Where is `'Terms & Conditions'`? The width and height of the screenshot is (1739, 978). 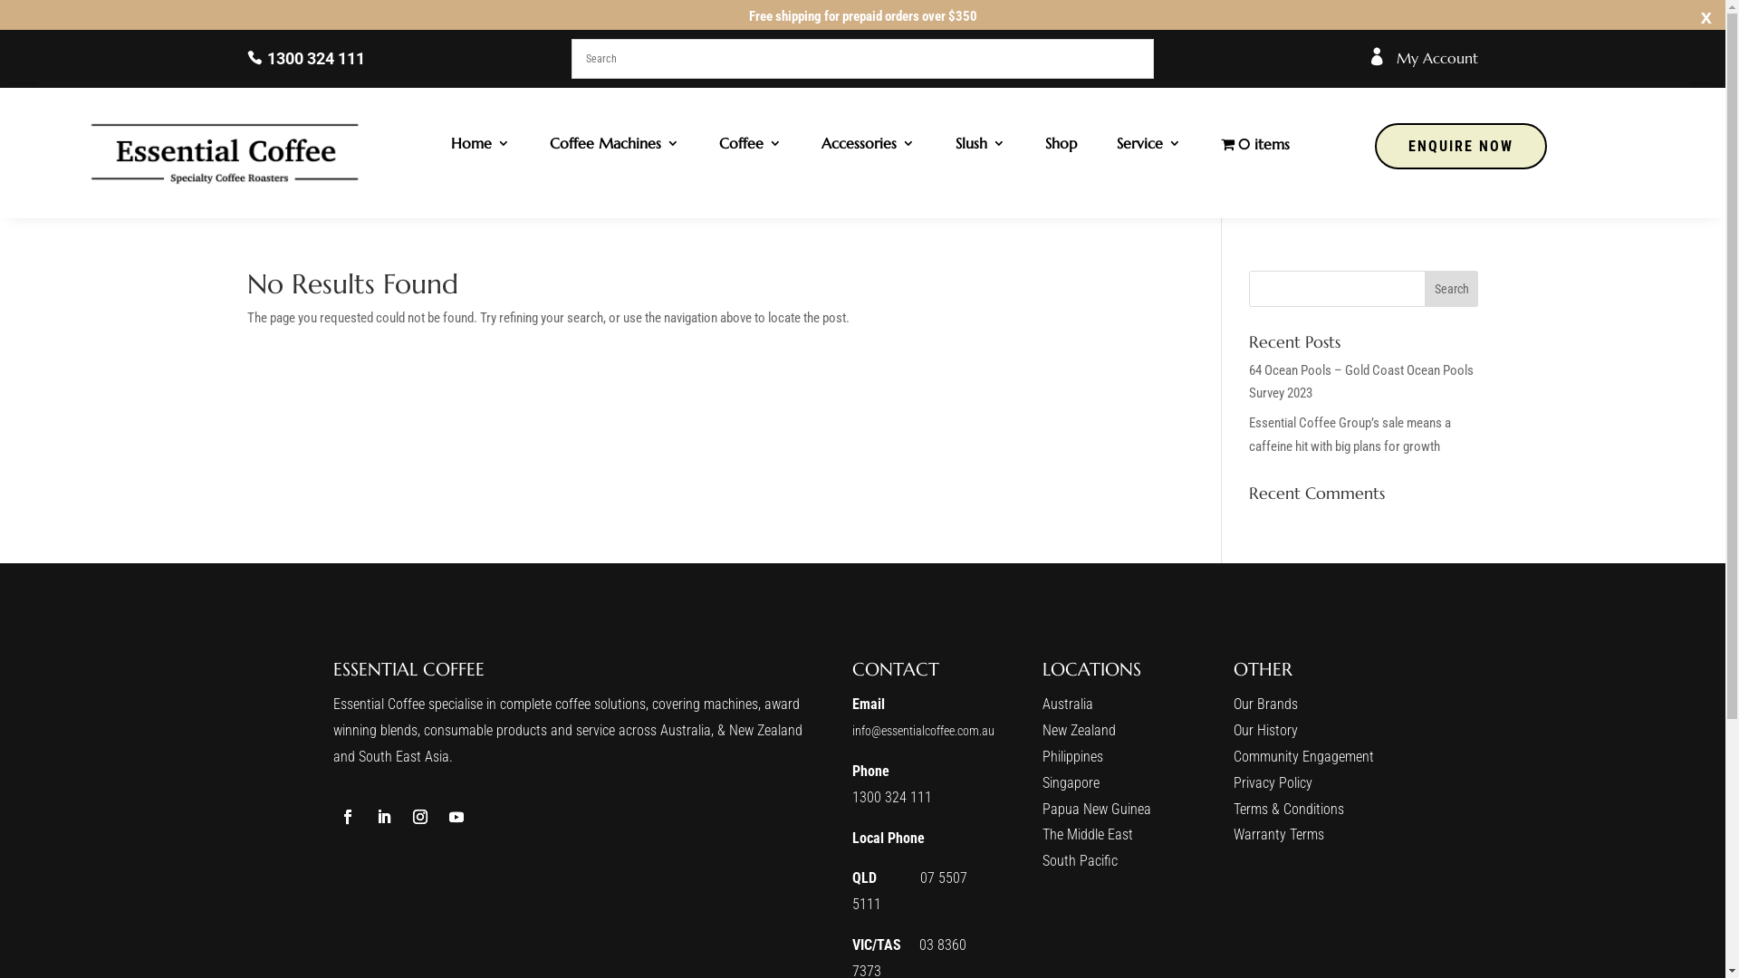 'Terms & Conditions' is located at coordinates (1287, 808).